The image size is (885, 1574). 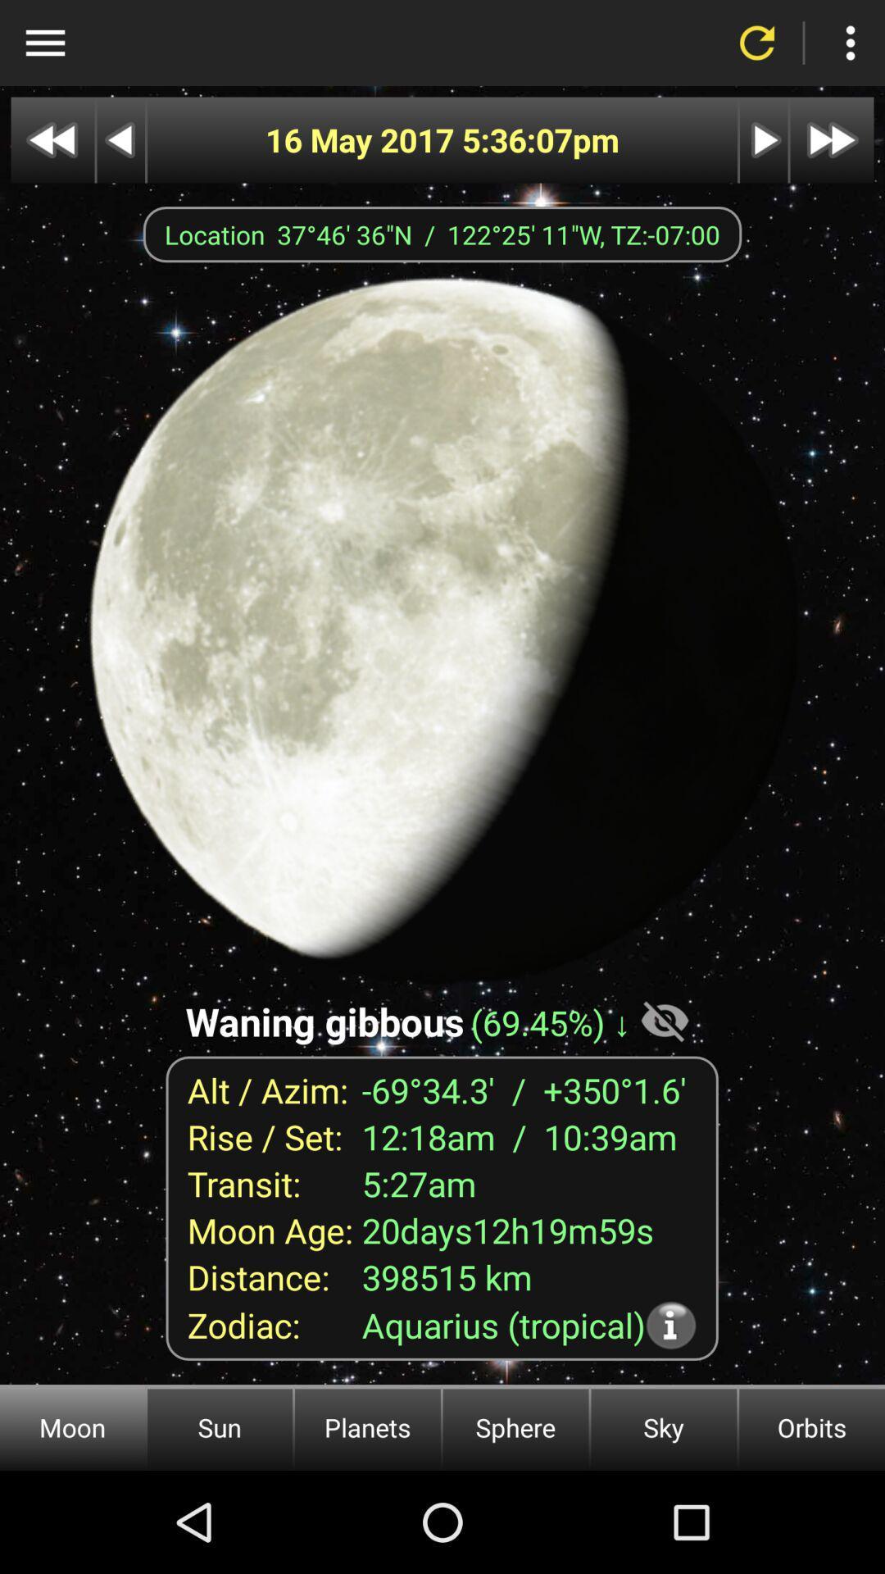 What do you see at coordinates (832, 140) in the screenshot?
I see `the av_forward icon` at bounding box center [832, 140].